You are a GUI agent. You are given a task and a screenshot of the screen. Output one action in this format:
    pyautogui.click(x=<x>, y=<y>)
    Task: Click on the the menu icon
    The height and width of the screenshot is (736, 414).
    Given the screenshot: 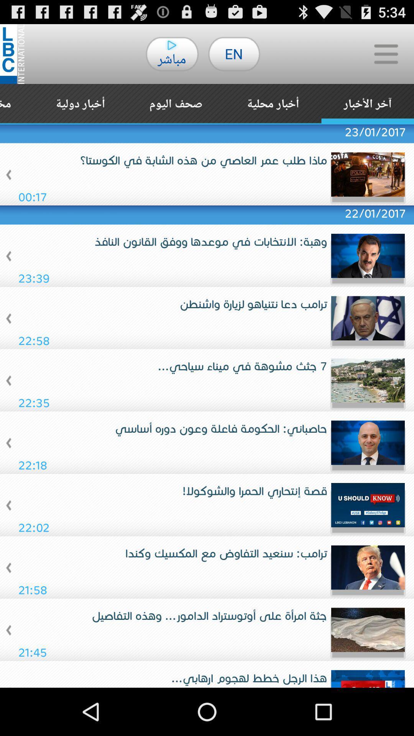 What is the action you would take?
    pyautogui.click(x=386, y=57)
    